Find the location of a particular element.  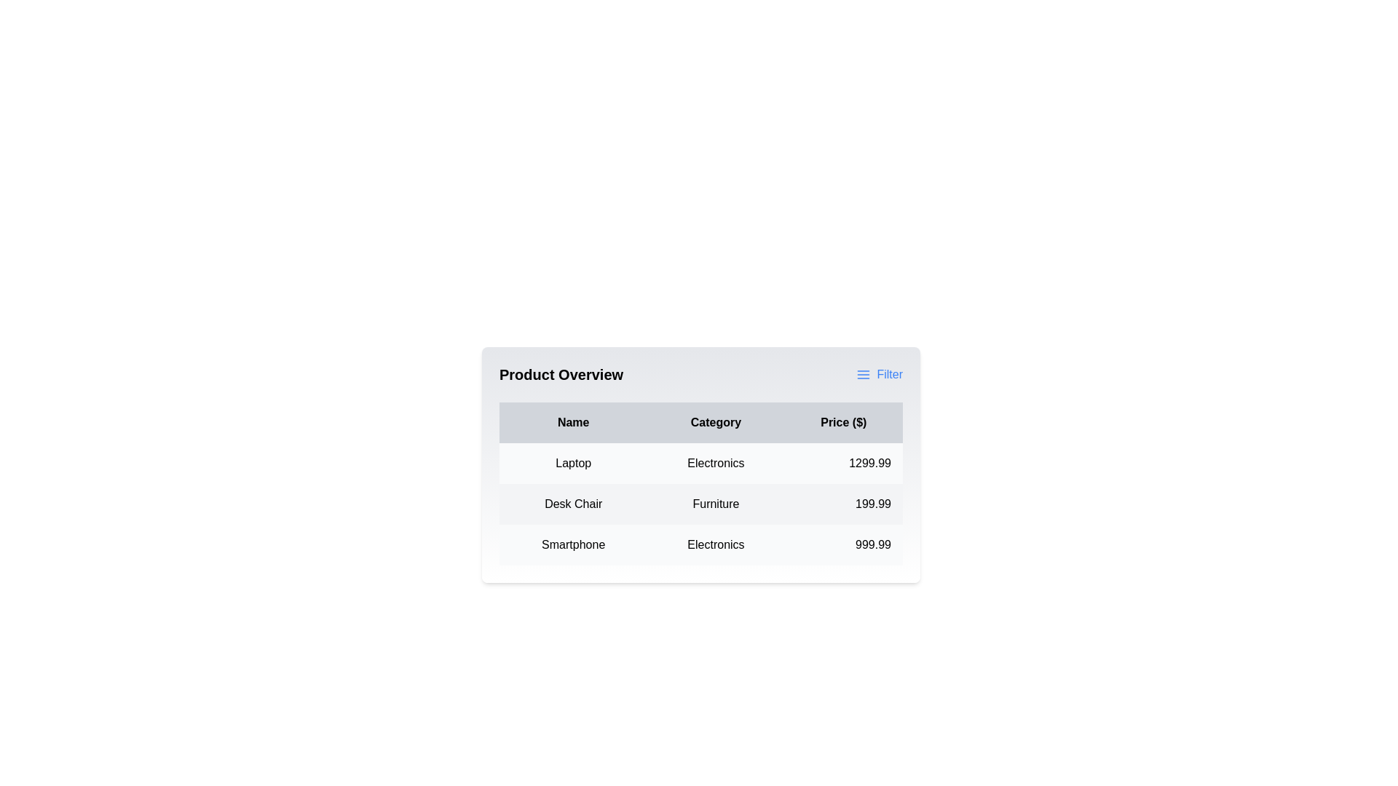

text from the column header located between the 'Name' and 'Price ($)' labels in the table is located at coordinates (716, 423).